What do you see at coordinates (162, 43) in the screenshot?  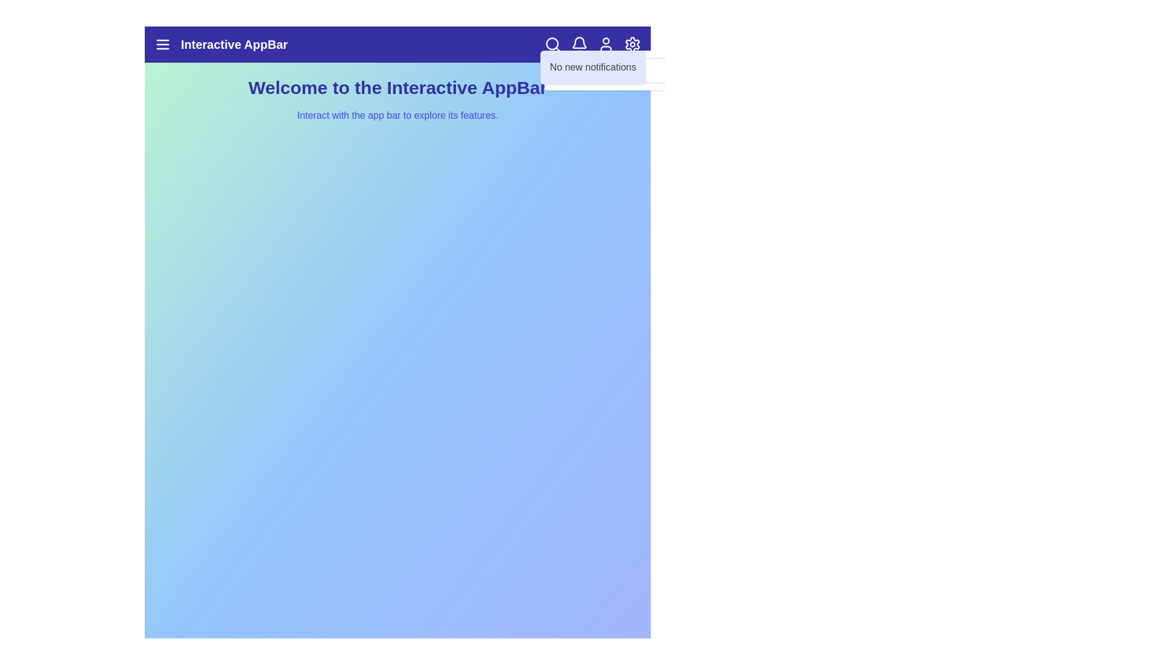 I see `the menu icon to open the main menu` at bounding box center [162, 43].